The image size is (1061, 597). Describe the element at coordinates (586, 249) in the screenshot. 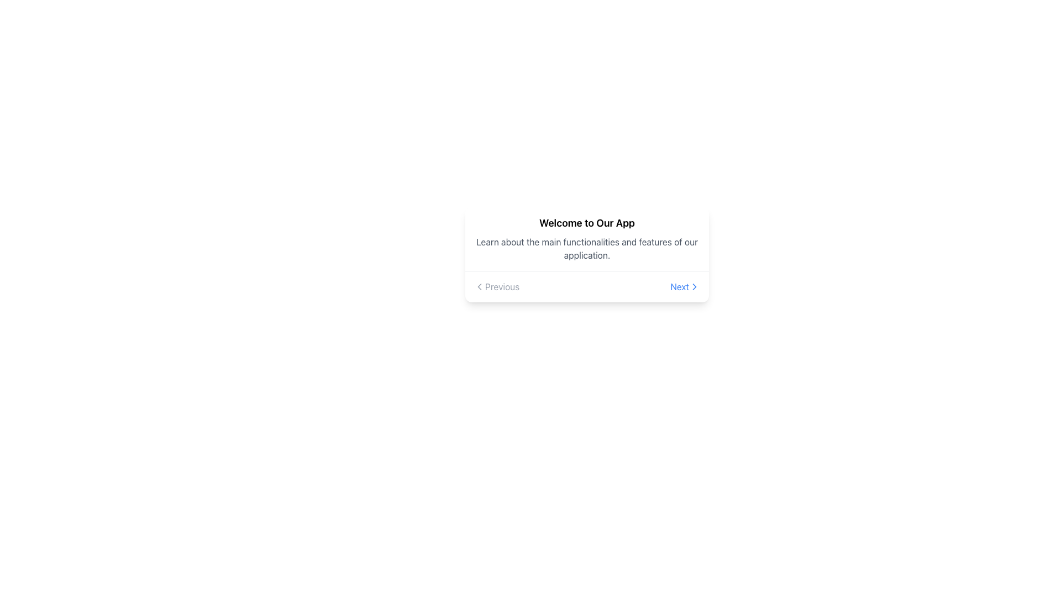

I see `the static text element that displays 'Learn about the main functionalities and features of our application.' which is styled in gray (#808080) and is positioned below the 'Welcome to Our App' heading` at that location.